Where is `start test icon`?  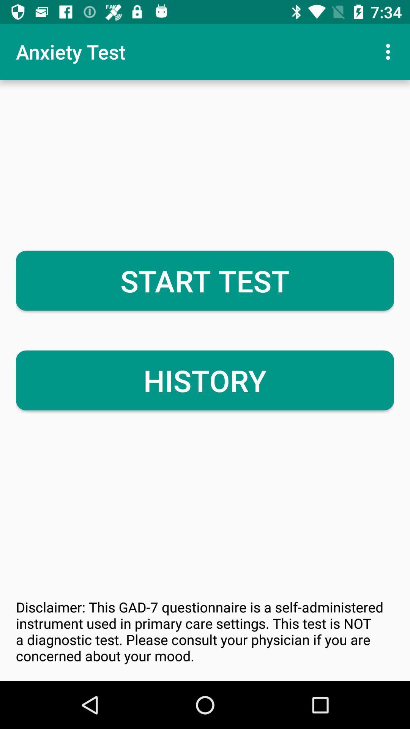
start test icon is located at coordinates (205, 280).